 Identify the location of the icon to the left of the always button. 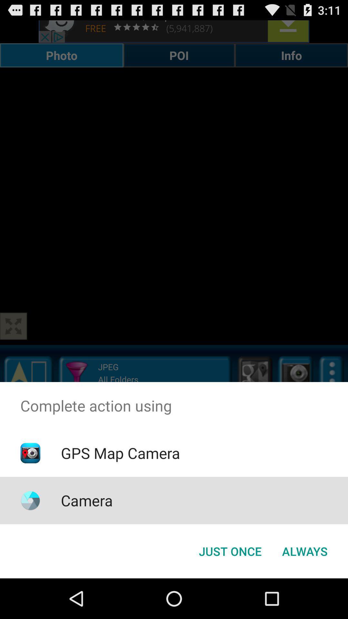
(230, 551).